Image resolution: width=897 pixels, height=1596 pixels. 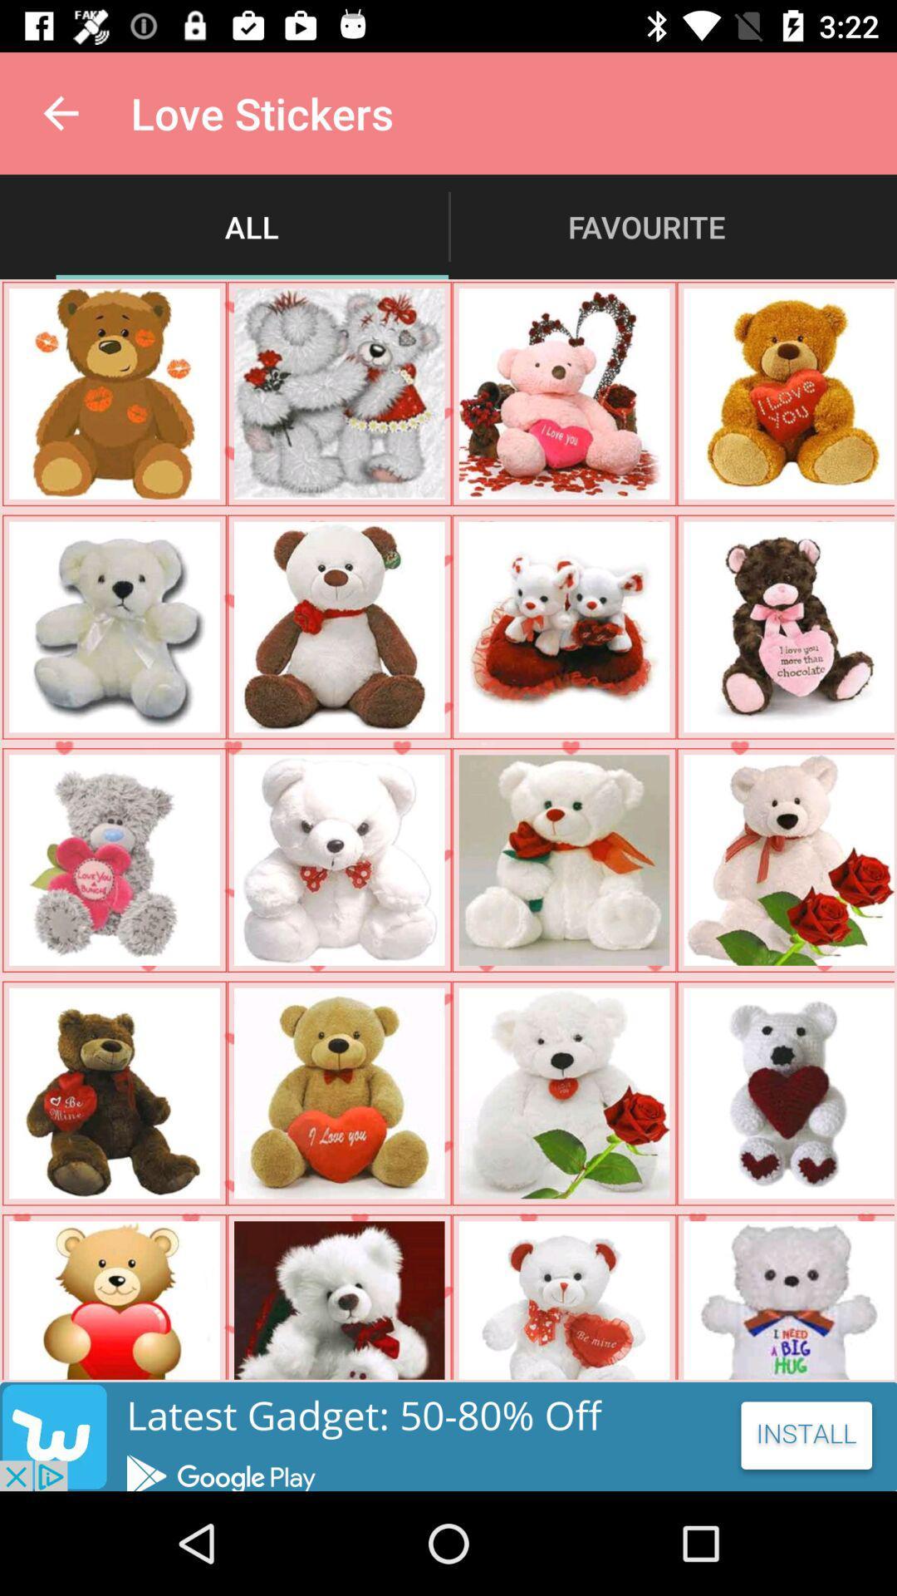 I want to click on its an advertisement, so click(x=448, y=1436).